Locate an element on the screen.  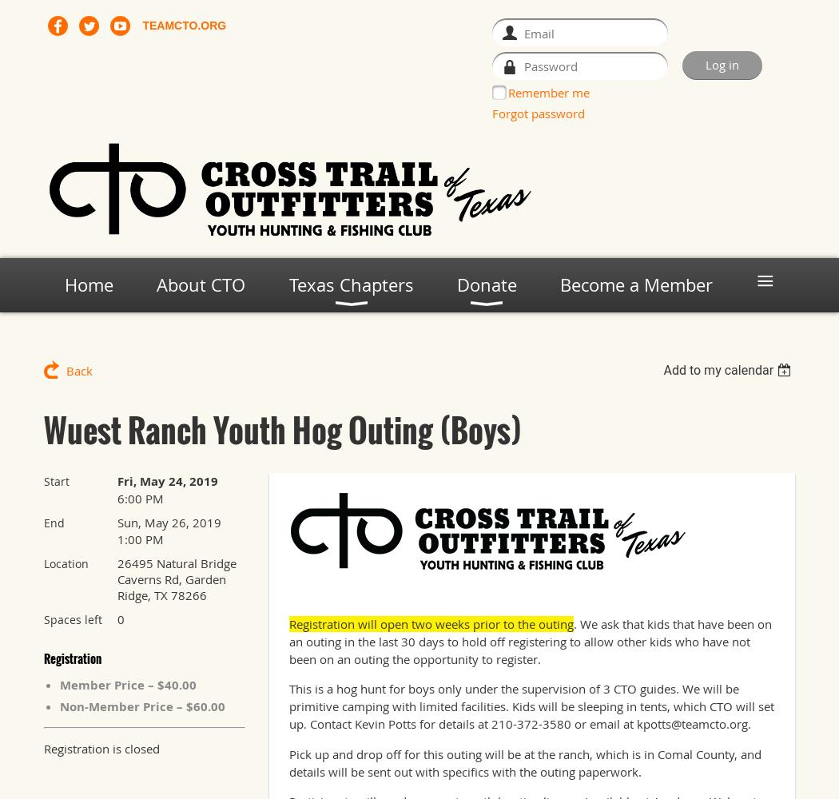
'Member Price – $40.00' is located at coordinates (128, 683).